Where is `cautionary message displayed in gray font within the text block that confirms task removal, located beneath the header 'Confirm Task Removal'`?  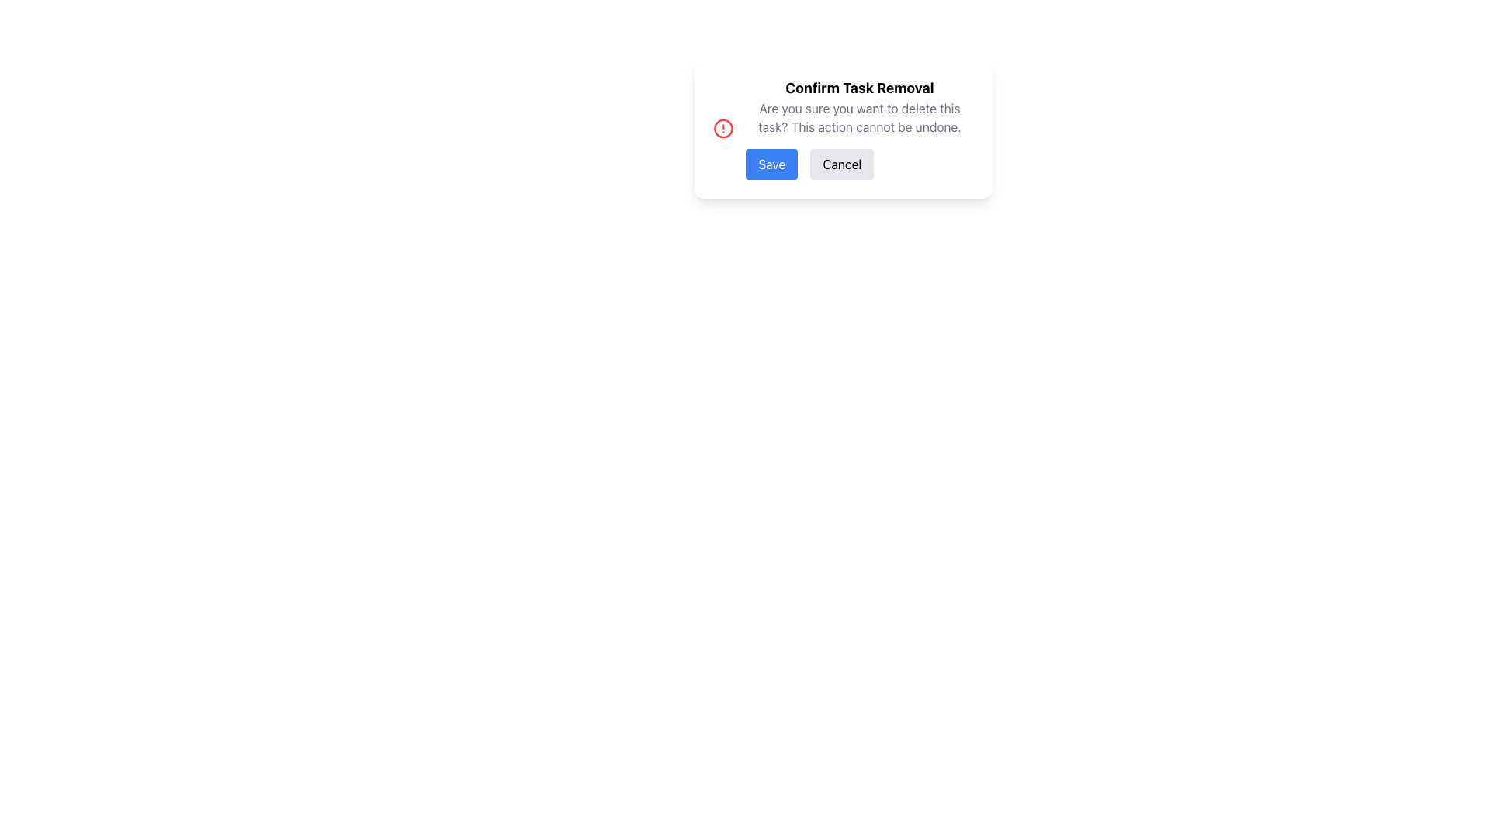
cautionary message displayed in gray font within the text block that confirms task removal, located beneath the header 'Confirm Task Removal' is located at coordinates (858, 116).